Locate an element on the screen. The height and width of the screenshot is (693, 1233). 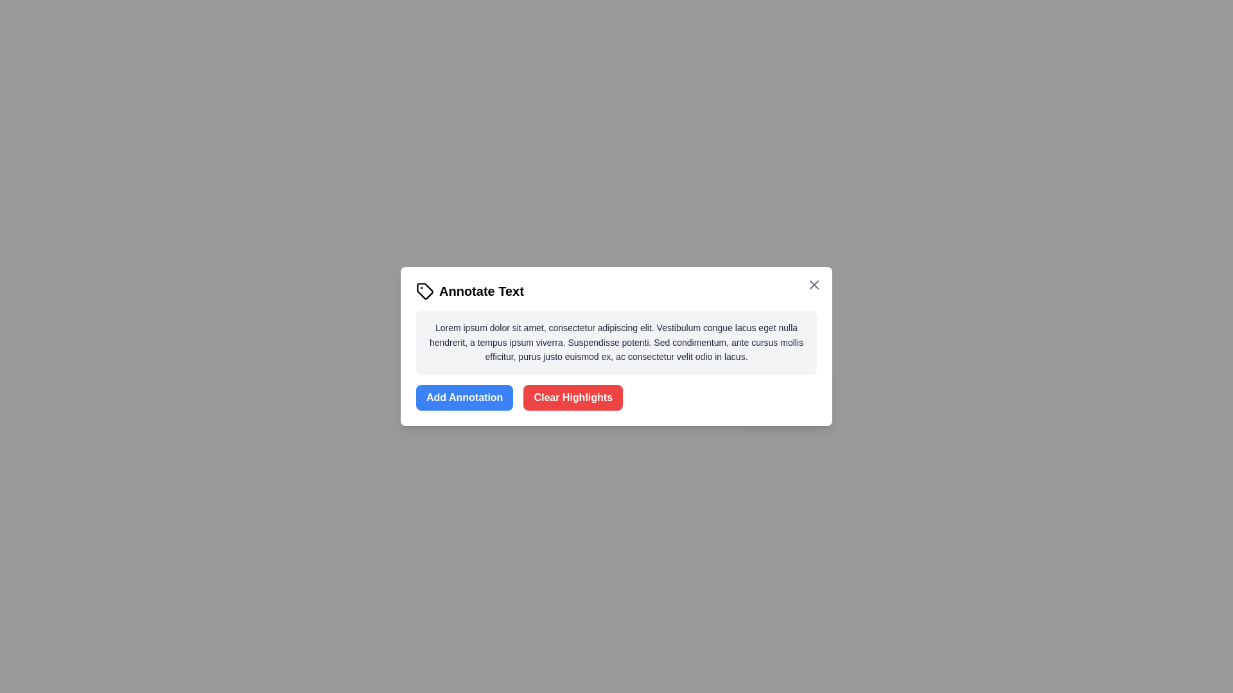
the 'Add Annotation' button is located at coordinates (464, 397).